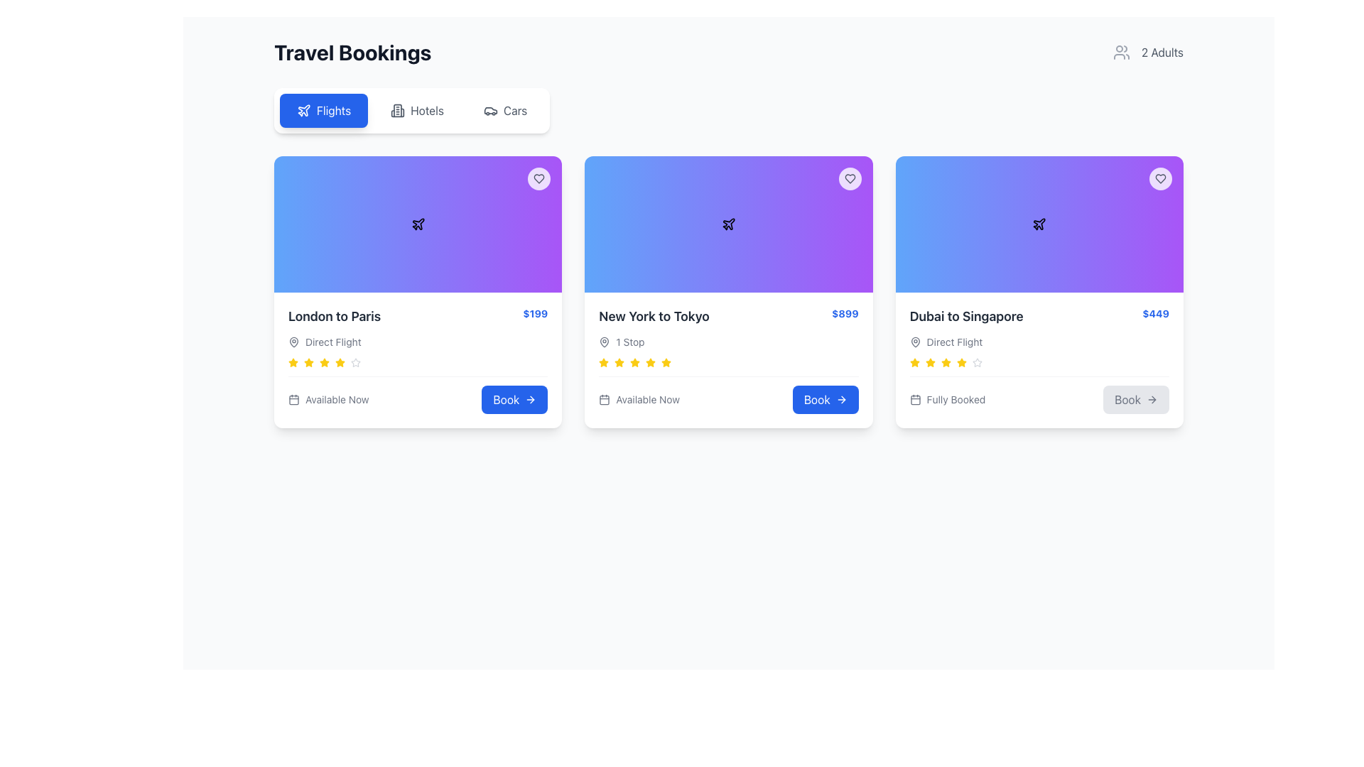 The image size is (1364, 767). I want to click on the fourth yellow star icon in the rating section of the 'New York to Tokyo' card to rate, so click(650, 361).